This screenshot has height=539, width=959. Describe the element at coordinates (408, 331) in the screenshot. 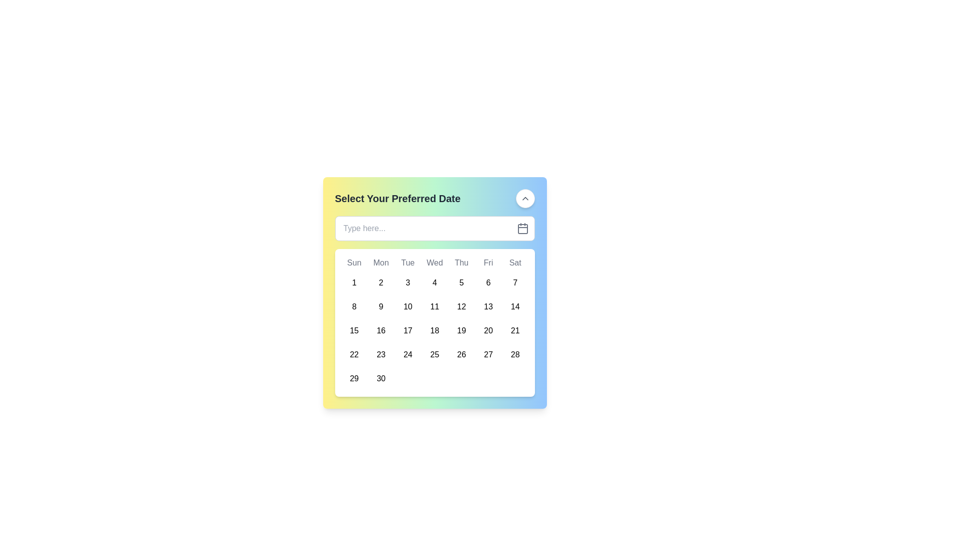

I see `the button representing the selectable date '17' in the calendar interface` at that location.